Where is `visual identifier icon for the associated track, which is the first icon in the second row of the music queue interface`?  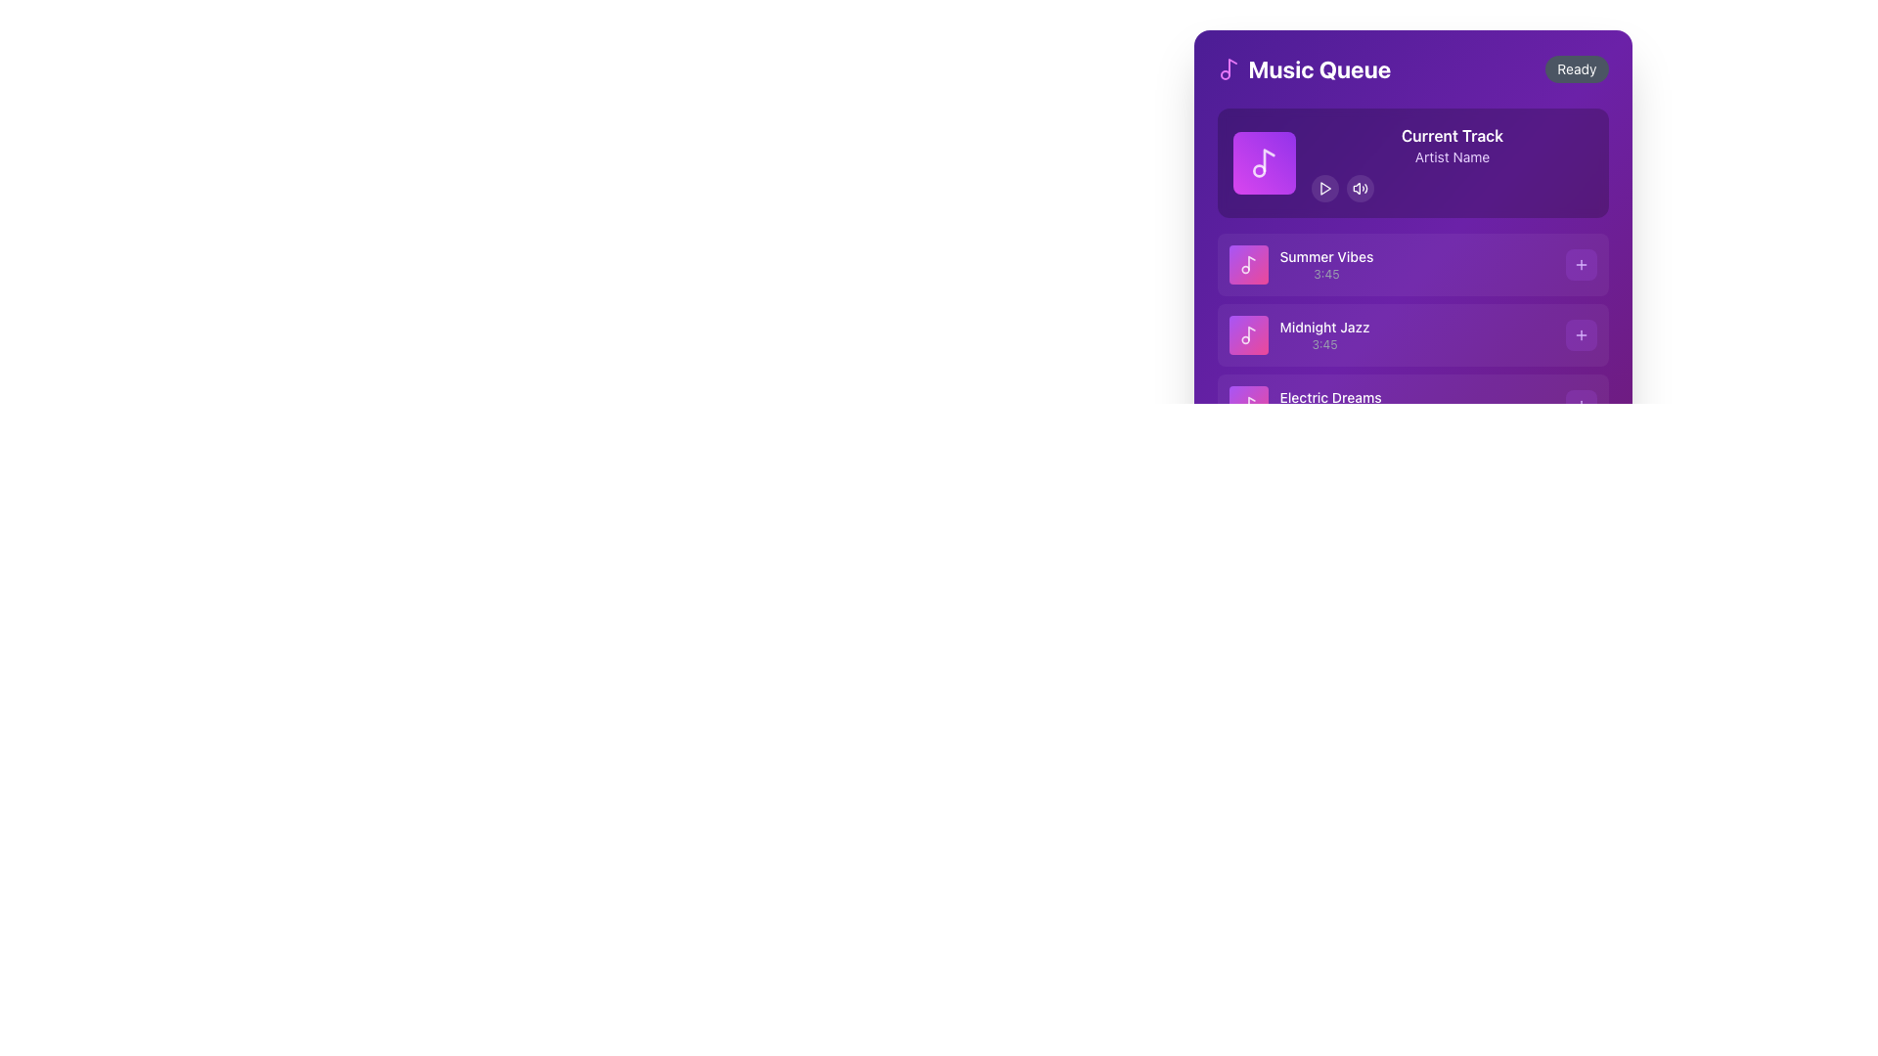
visual identifier icon for the associated track, which is the first icon in the second row of the music queue interface is located at coordinates (1247, 264).